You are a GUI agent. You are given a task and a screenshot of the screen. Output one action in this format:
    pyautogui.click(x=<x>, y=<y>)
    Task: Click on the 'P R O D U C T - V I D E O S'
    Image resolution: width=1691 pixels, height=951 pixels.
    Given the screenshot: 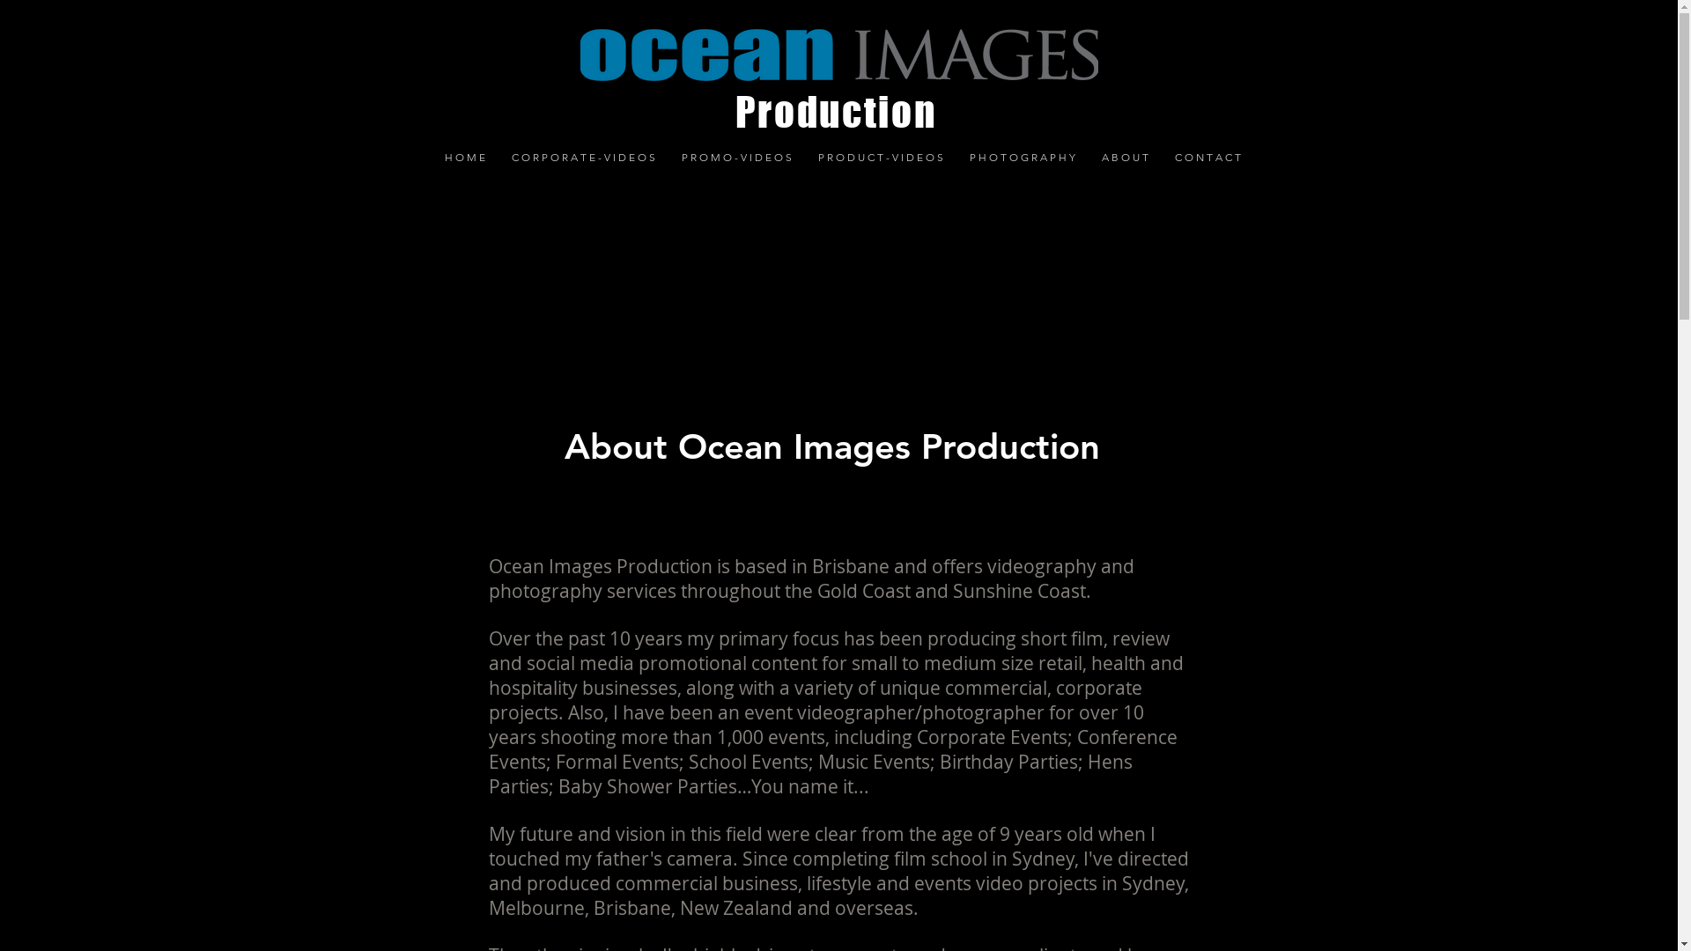 What is the action you would take?
    pyautogui.click(x=880, y=156)
    